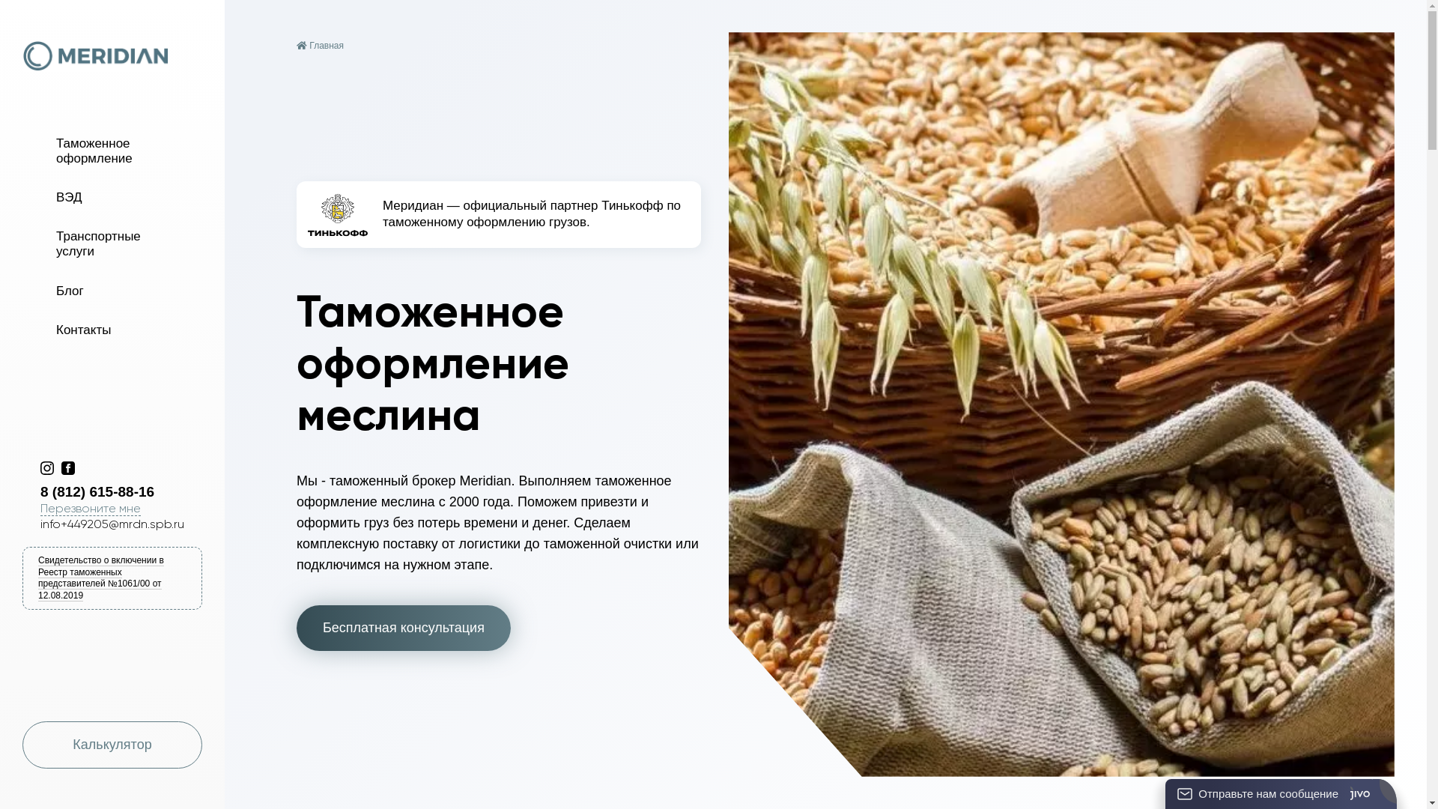 This screenshot has width=1438, height=809. What do you see at coordinates (121, 491) in the screenshot?
I see `'8 (812) 615-88-16'` at bounding box center [121, 491].